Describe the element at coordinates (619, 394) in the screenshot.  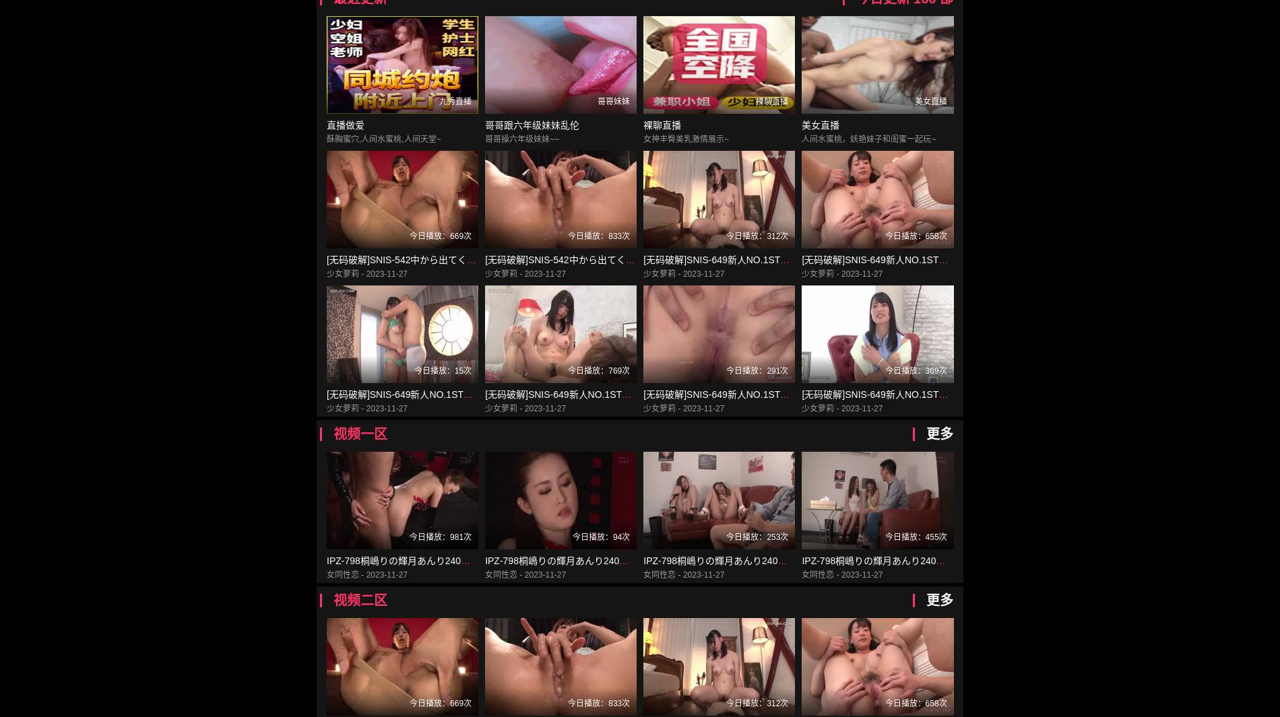
I see `'[无码破解]SNIS-649新人NO.1STYLE白石真琴AVデビュー第03集'` at that location.